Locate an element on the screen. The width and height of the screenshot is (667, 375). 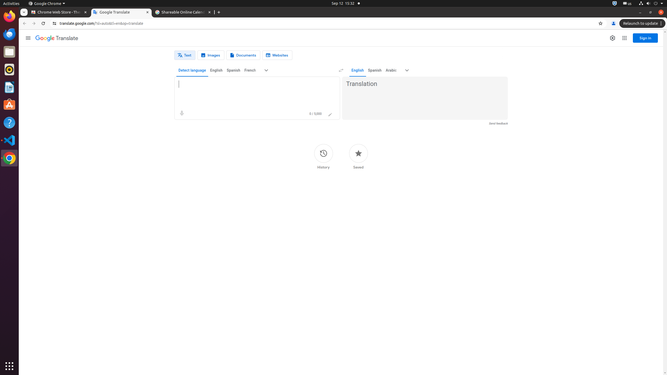
'Show Applications' is located at coordinates (9, 366).